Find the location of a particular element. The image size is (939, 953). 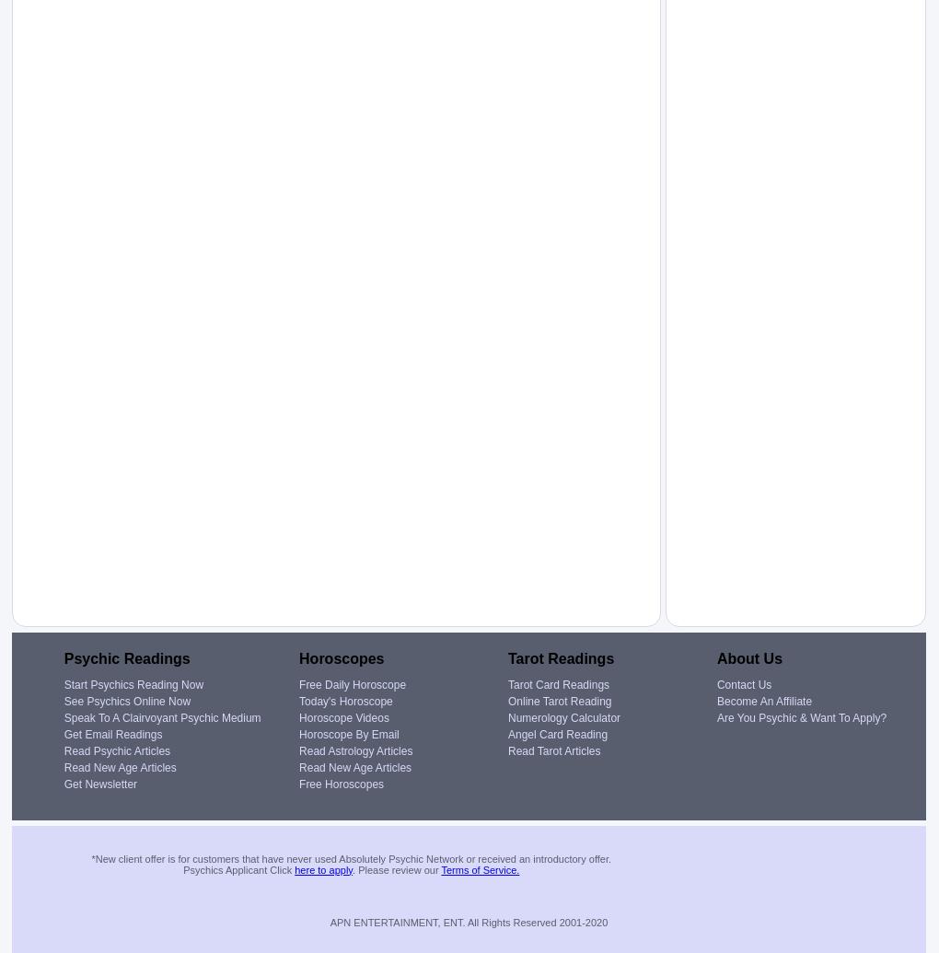

'See Psychics Online Now' is located at coordinates (127, 700).